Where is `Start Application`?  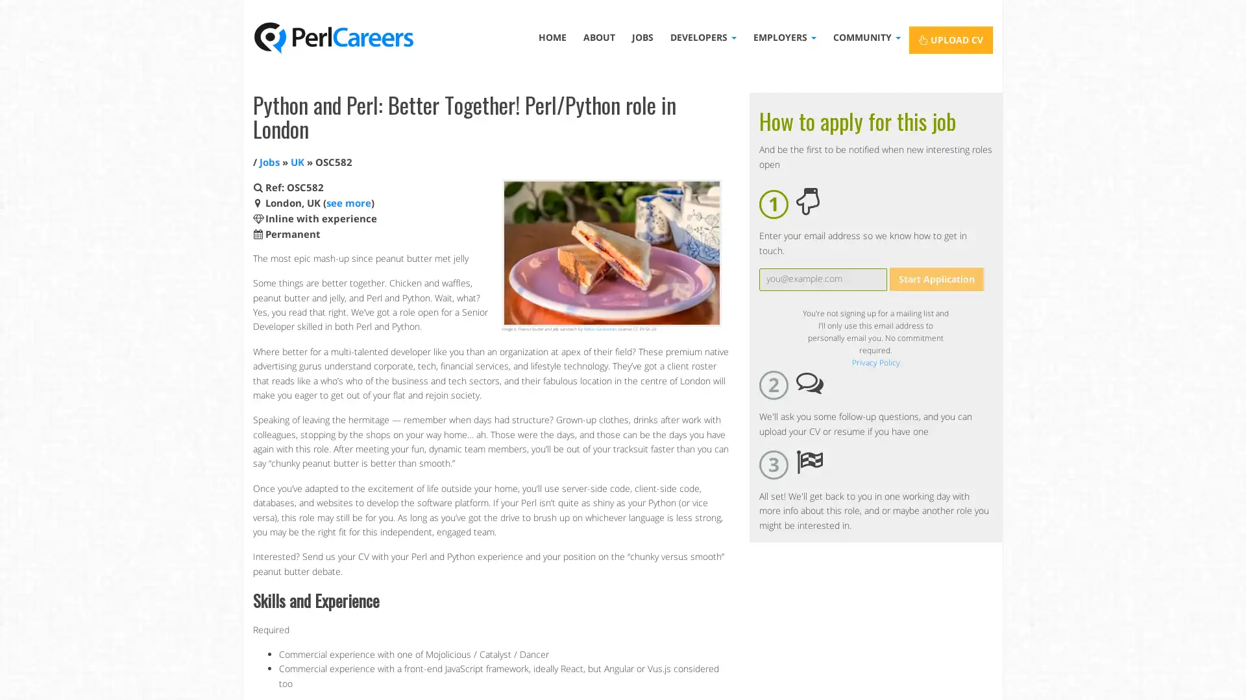
Start Application is located at coordinates (936, 277).